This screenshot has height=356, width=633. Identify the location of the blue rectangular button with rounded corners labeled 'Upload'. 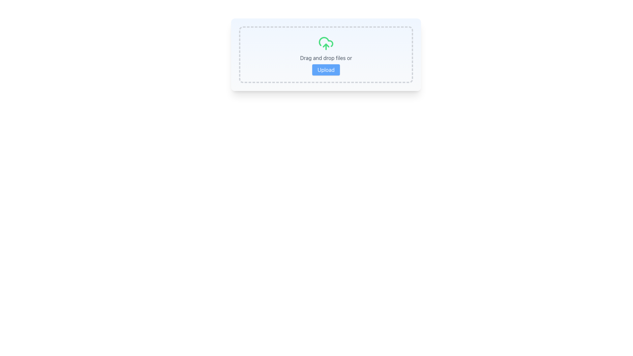
(326, 70).